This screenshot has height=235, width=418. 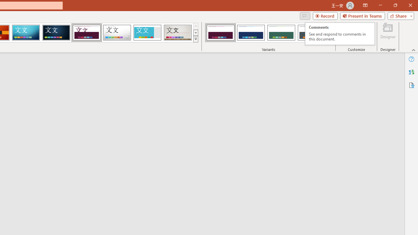 I want to click on 'Droplet', so click(x=117, y=33).